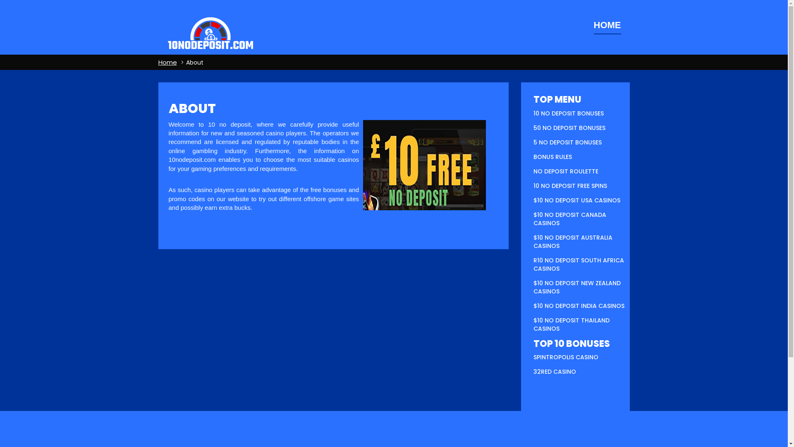  I want to click on 'NO DEPOSIT ROULETTE', so click(565, 171).